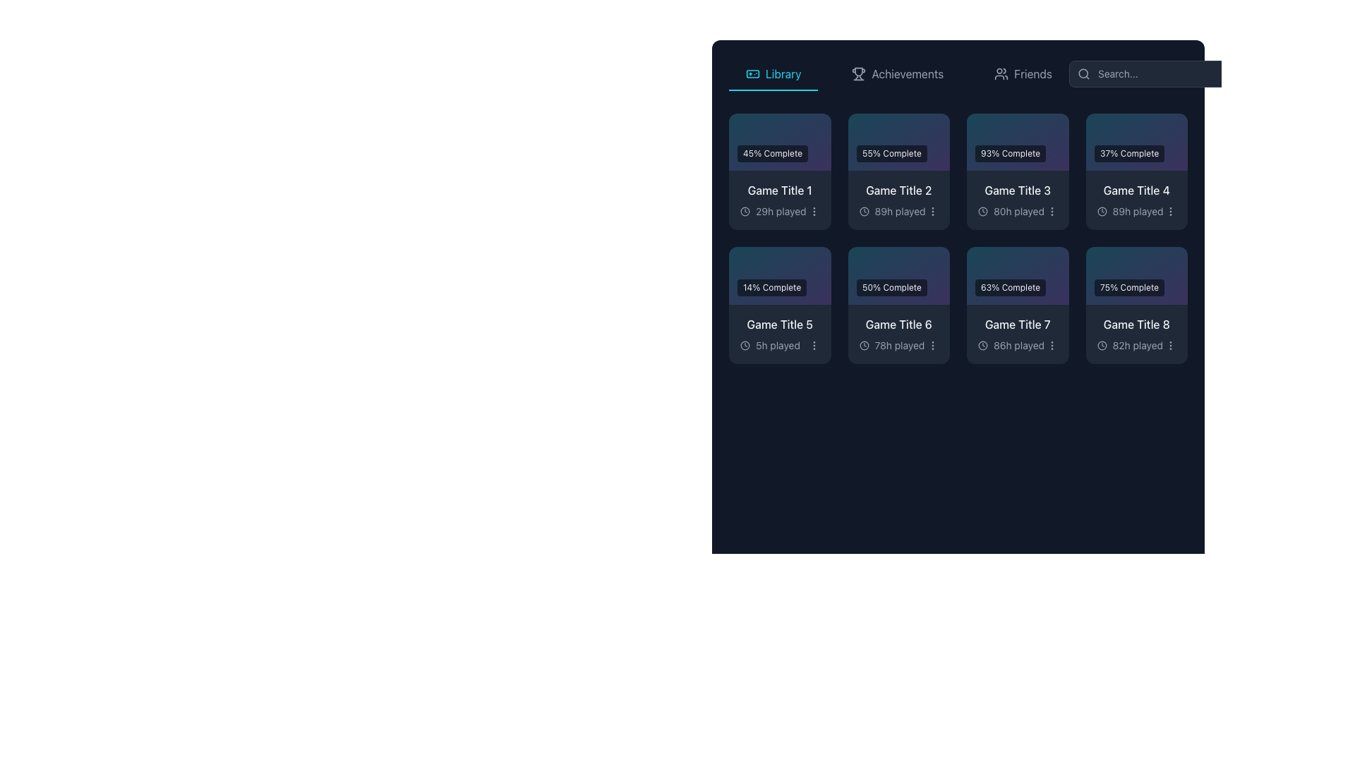 This screenshot has width=1355, height=762. Describe the element at coordinates (779, 190) in the screenshot. I see `the text element displaying the title 'Game Title 1' in white font within the '45% Complete' box in the 'Library' section` at that location.